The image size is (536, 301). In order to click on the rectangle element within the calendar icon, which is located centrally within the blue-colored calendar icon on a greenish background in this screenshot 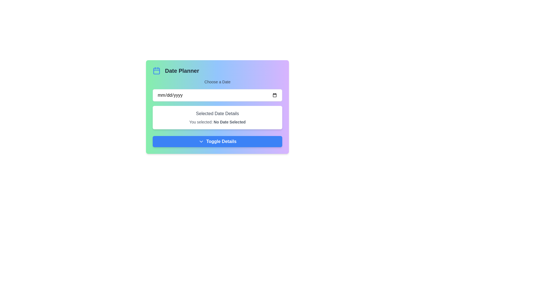, I will do `click(156, 71)`.